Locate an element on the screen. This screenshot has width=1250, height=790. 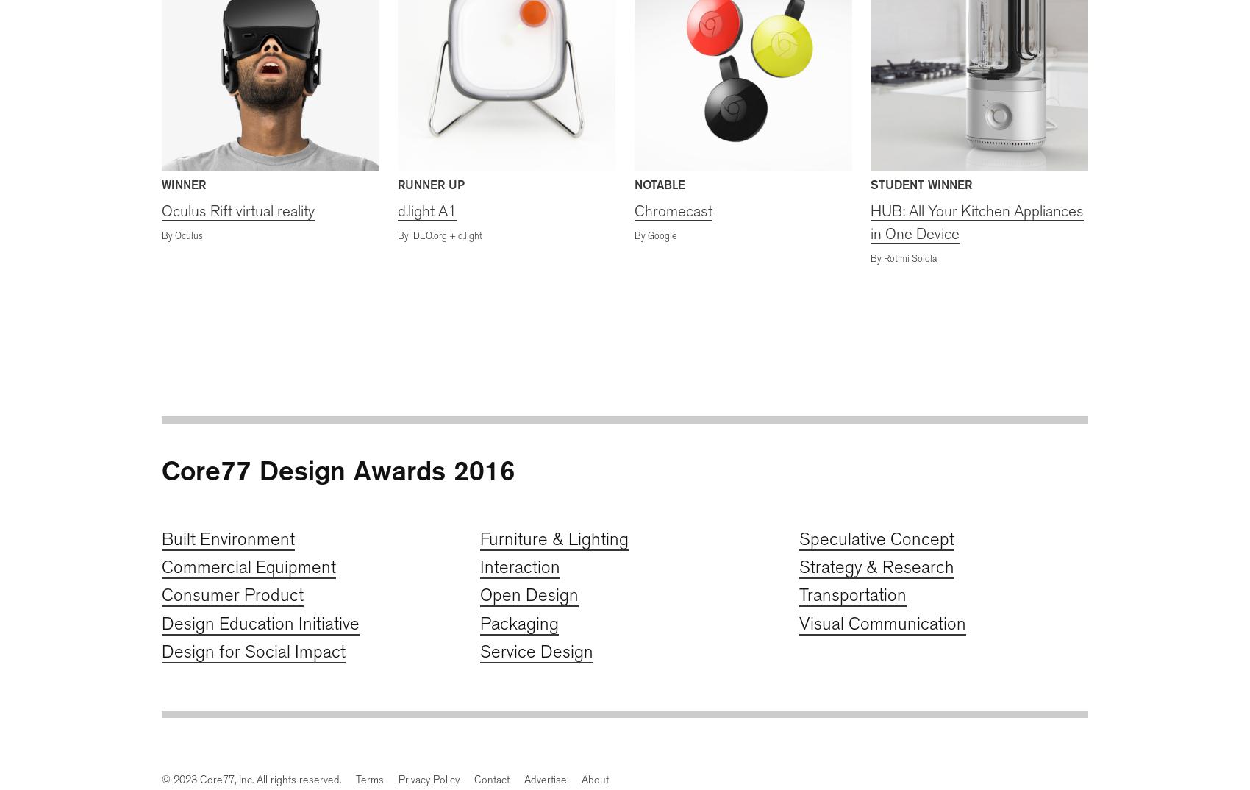
'Advertise' is located at coordinates (546, 779).